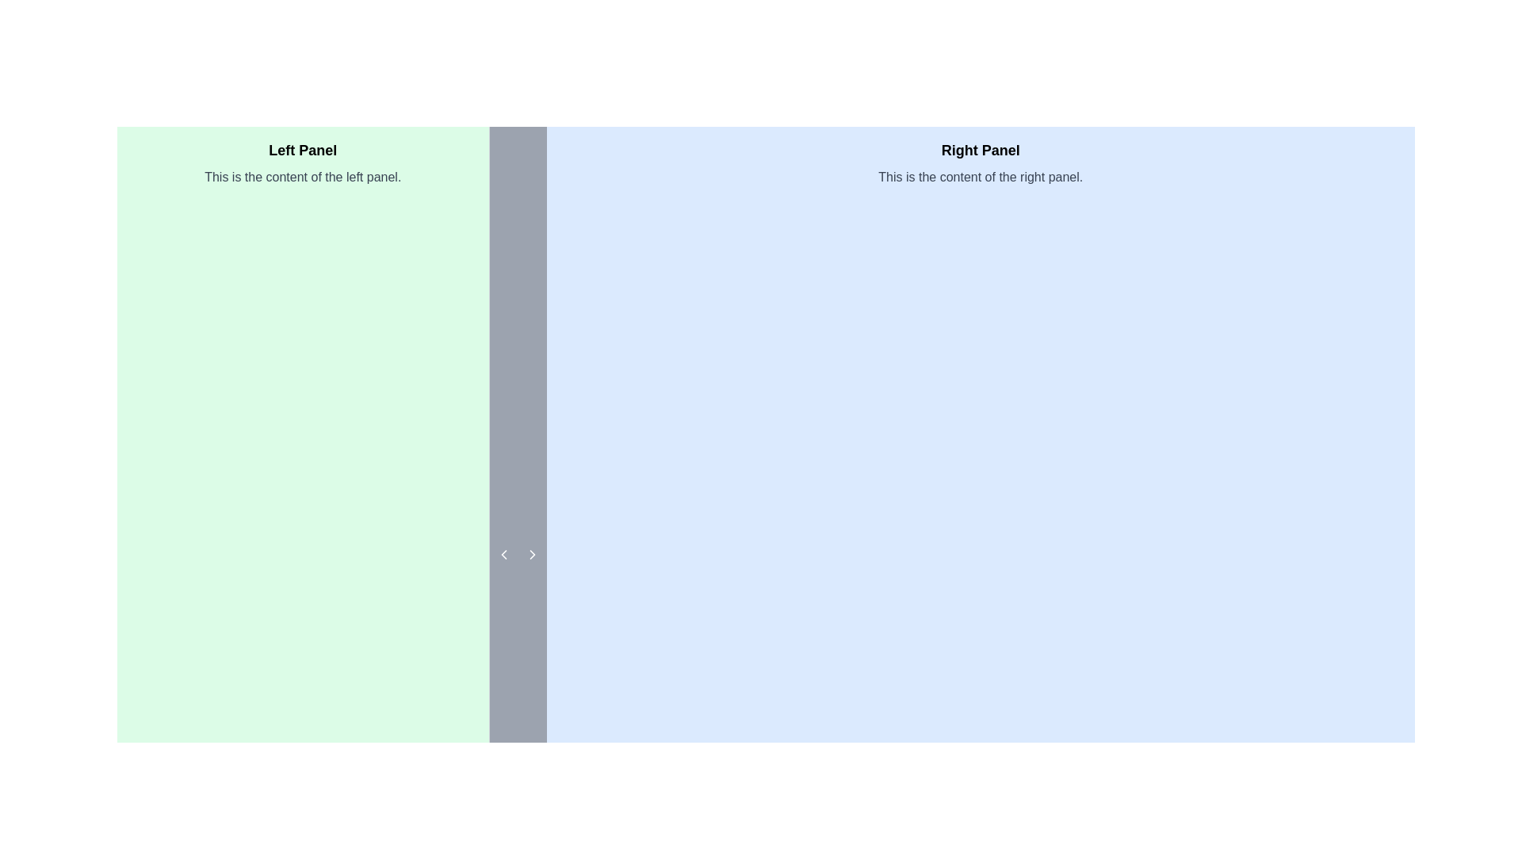 The width and height of the screenshot is (1522, 856). What do you see at coordinates (980, 177) in the screenshot?
I see `text label that displays 'This is the content of the right panel.' located in the right panel, which is horizontally centered and positioned below the title text 'Right Panel'` at bounding box center [980, 177].